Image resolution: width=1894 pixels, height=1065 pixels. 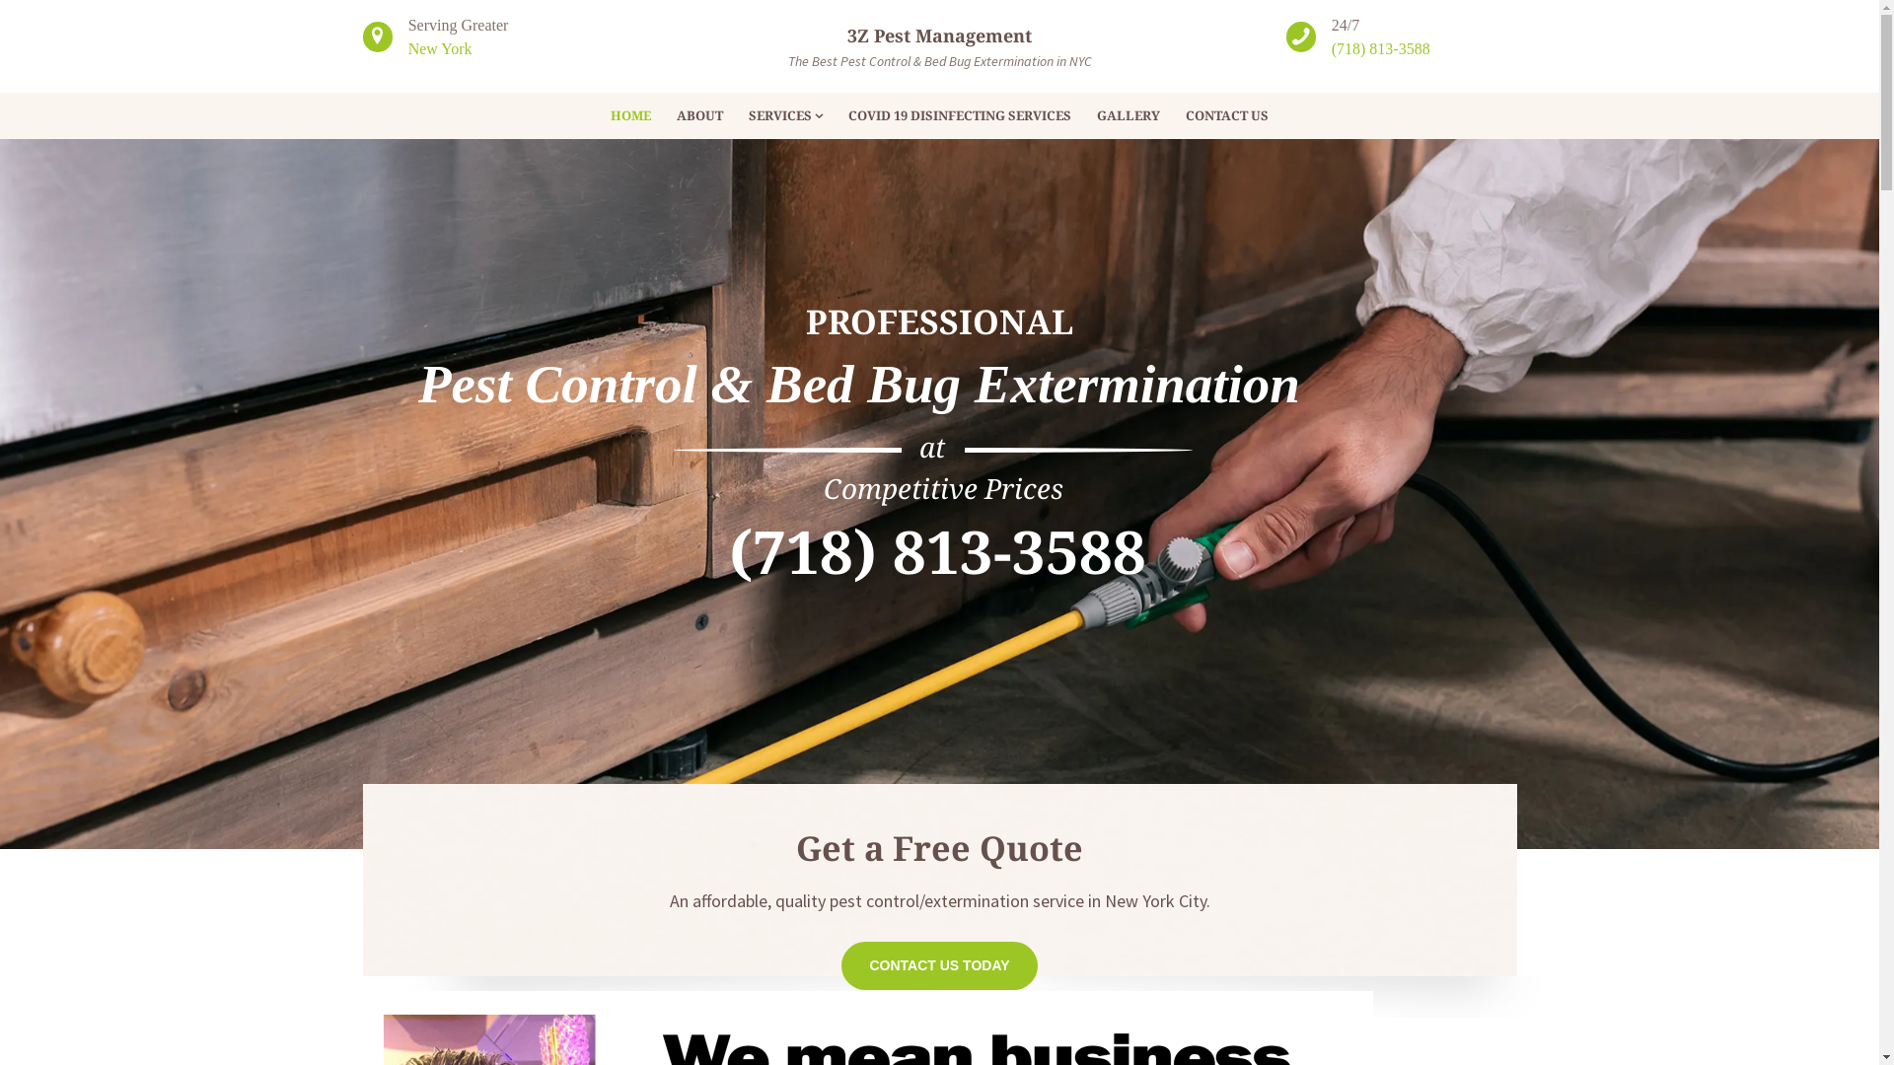 I want to click on 'HOME', so click(x=596, y=115).